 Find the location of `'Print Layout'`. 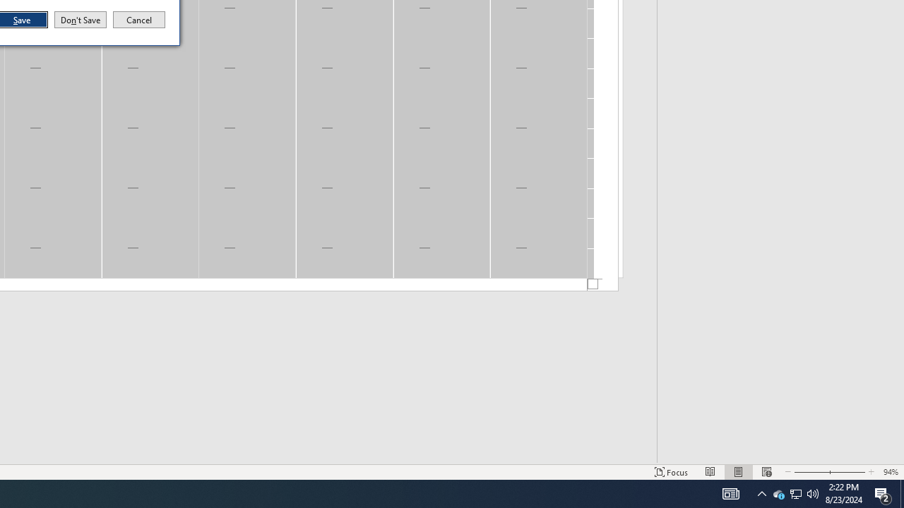

'Print Layout' is located at coordinates (738, 472).